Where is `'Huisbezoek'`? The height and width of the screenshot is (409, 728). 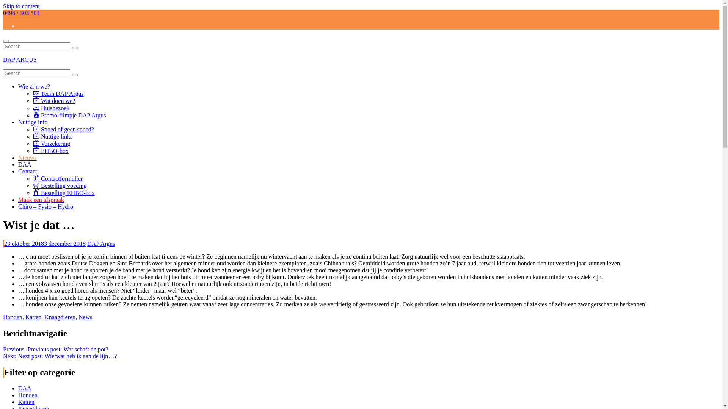 'Huisbezoek' is located at coordinates (33, 108).